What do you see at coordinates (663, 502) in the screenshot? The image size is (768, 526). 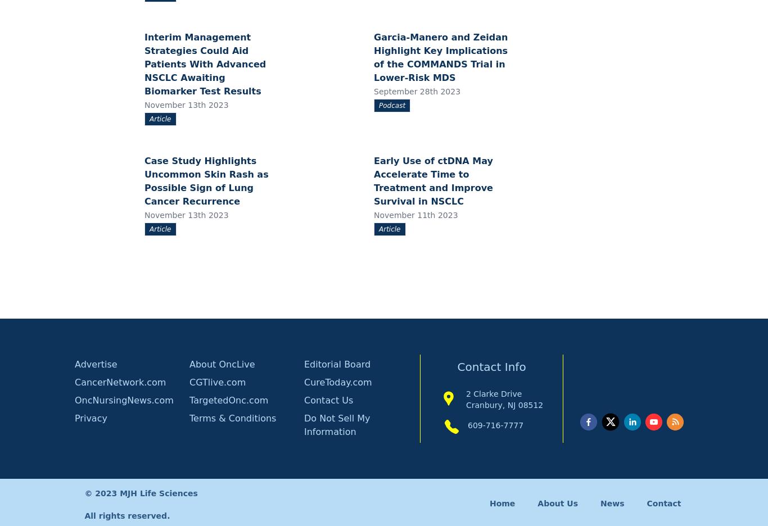 I see `'Contact'` at bounding box center [663, 502].